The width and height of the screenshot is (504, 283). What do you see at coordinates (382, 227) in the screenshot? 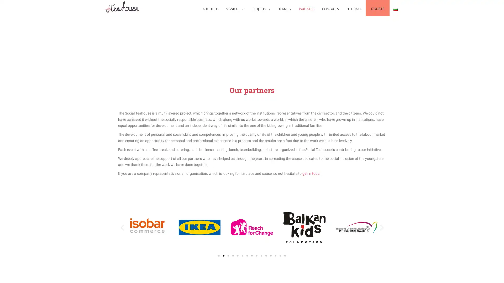
I see `Next slide` at bounding box center [382, 227].